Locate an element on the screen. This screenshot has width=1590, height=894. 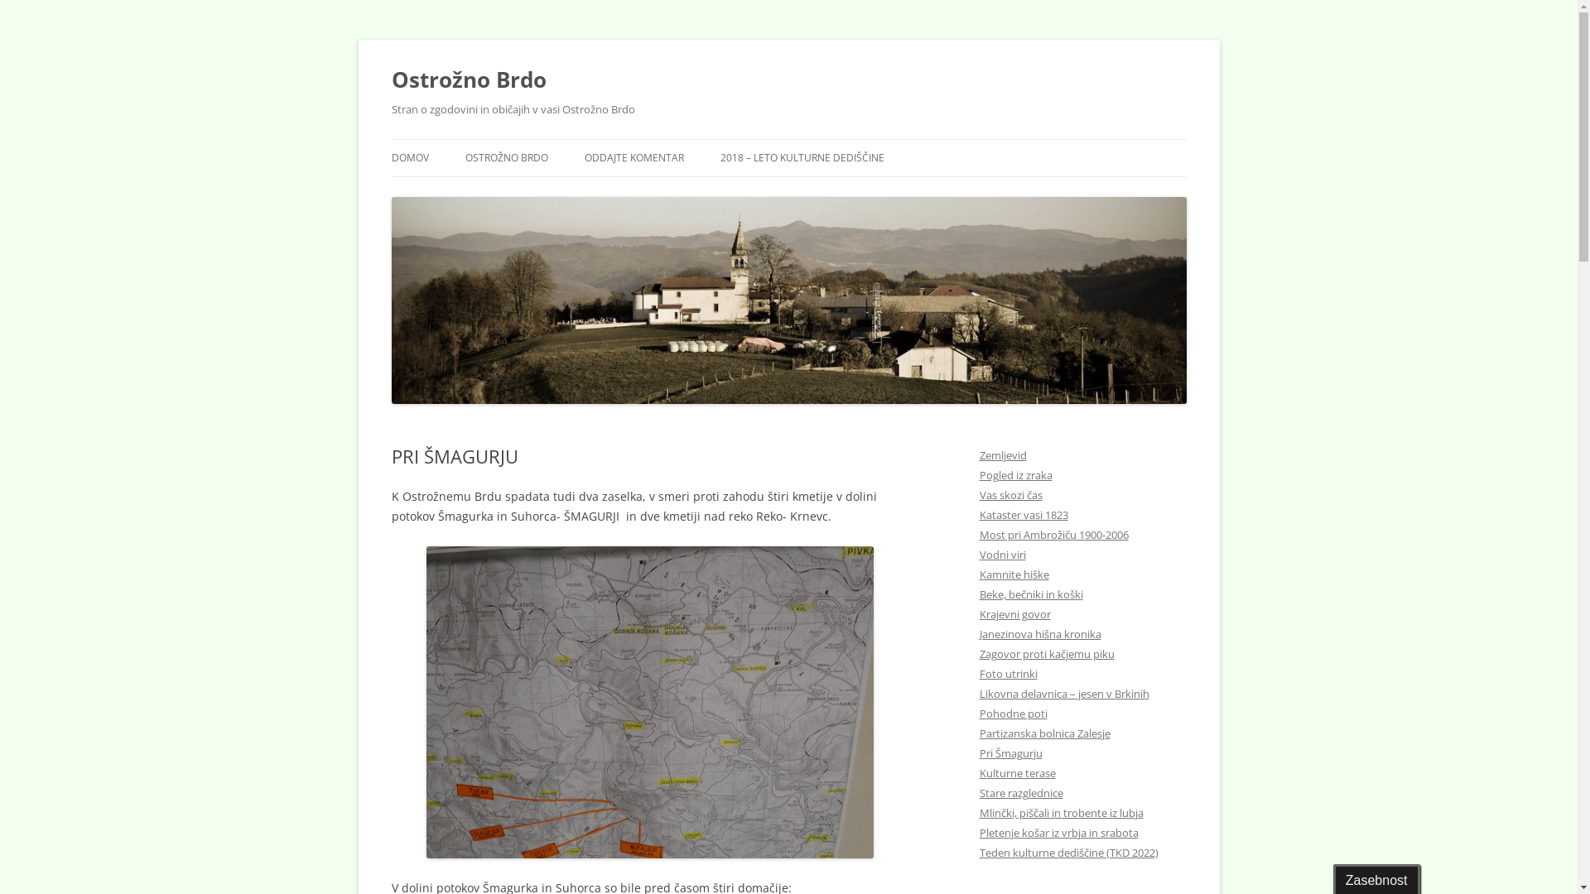
'Krajevni govor' is located at coordinates (1013, 613).